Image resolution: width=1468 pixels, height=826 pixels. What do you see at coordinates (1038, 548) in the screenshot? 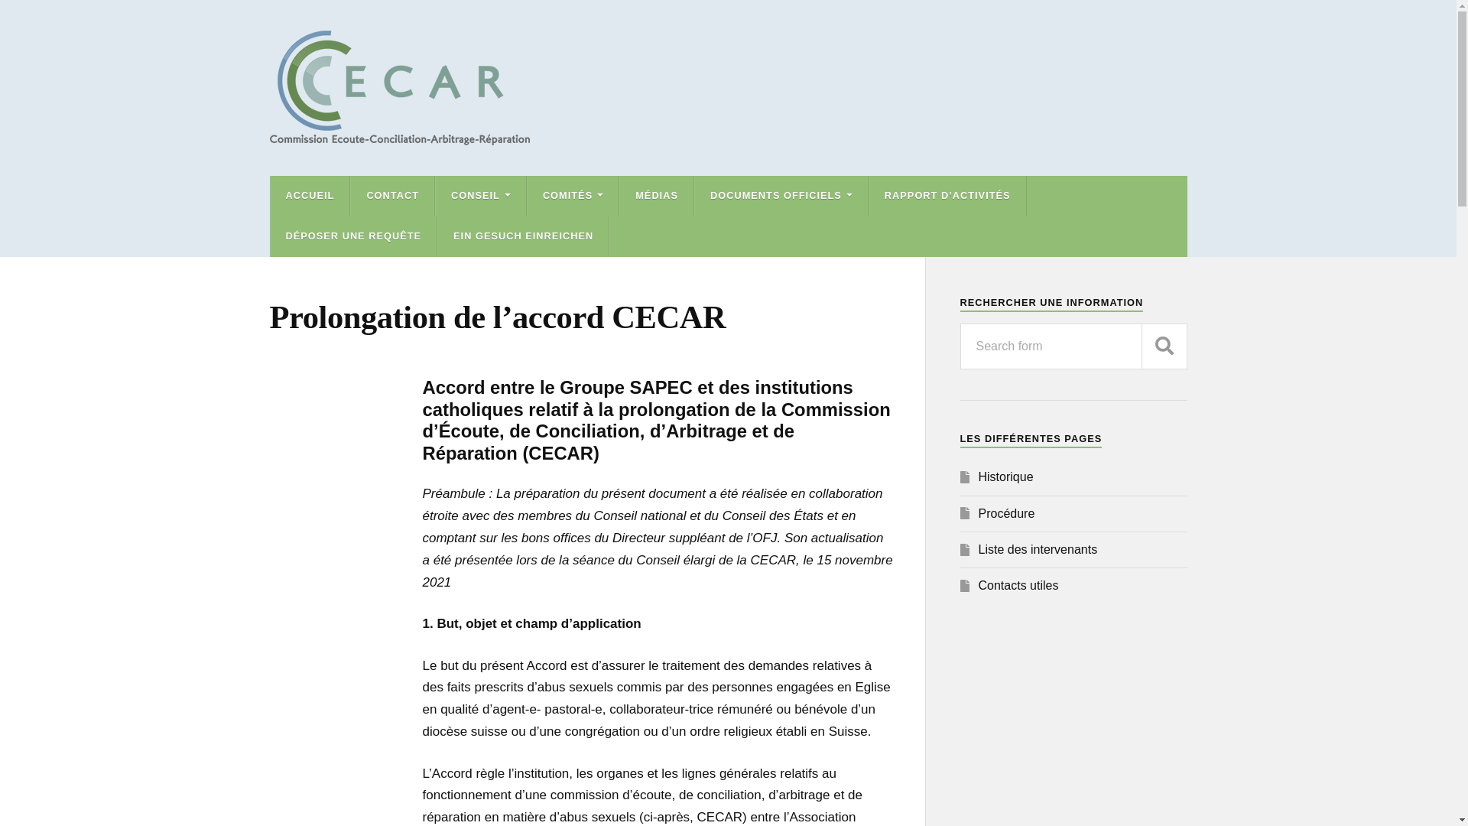
I see `'Liste des intervenants'` at bounding box center [1038, 548].